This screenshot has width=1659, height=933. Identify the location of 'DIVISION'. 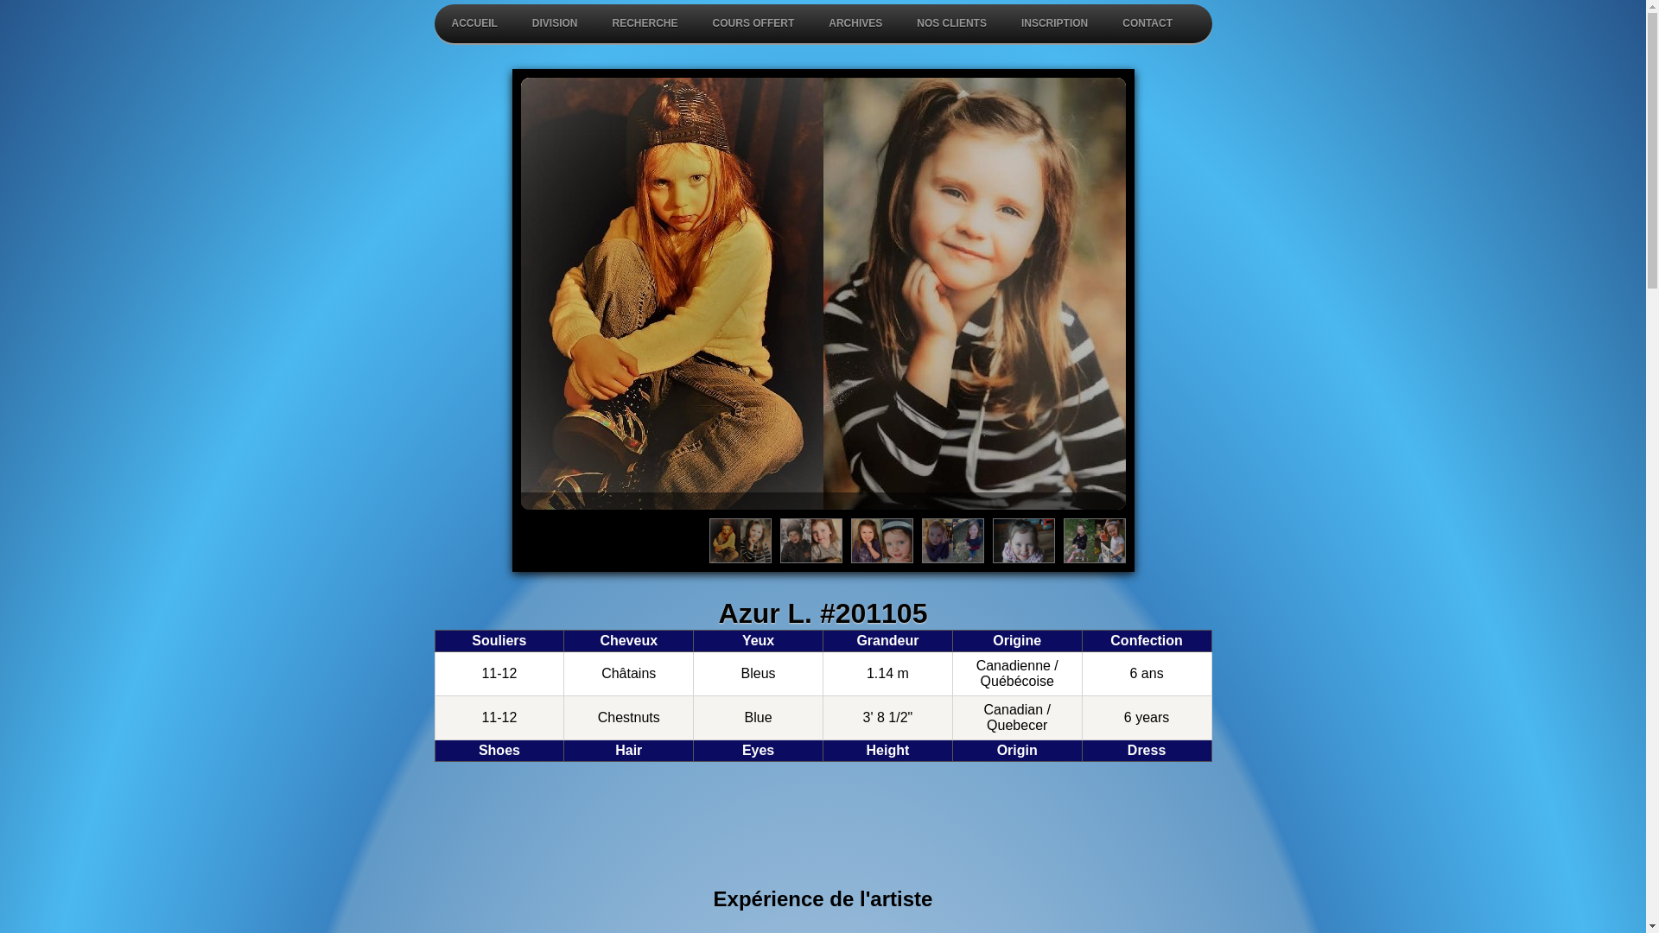
(555, 23).